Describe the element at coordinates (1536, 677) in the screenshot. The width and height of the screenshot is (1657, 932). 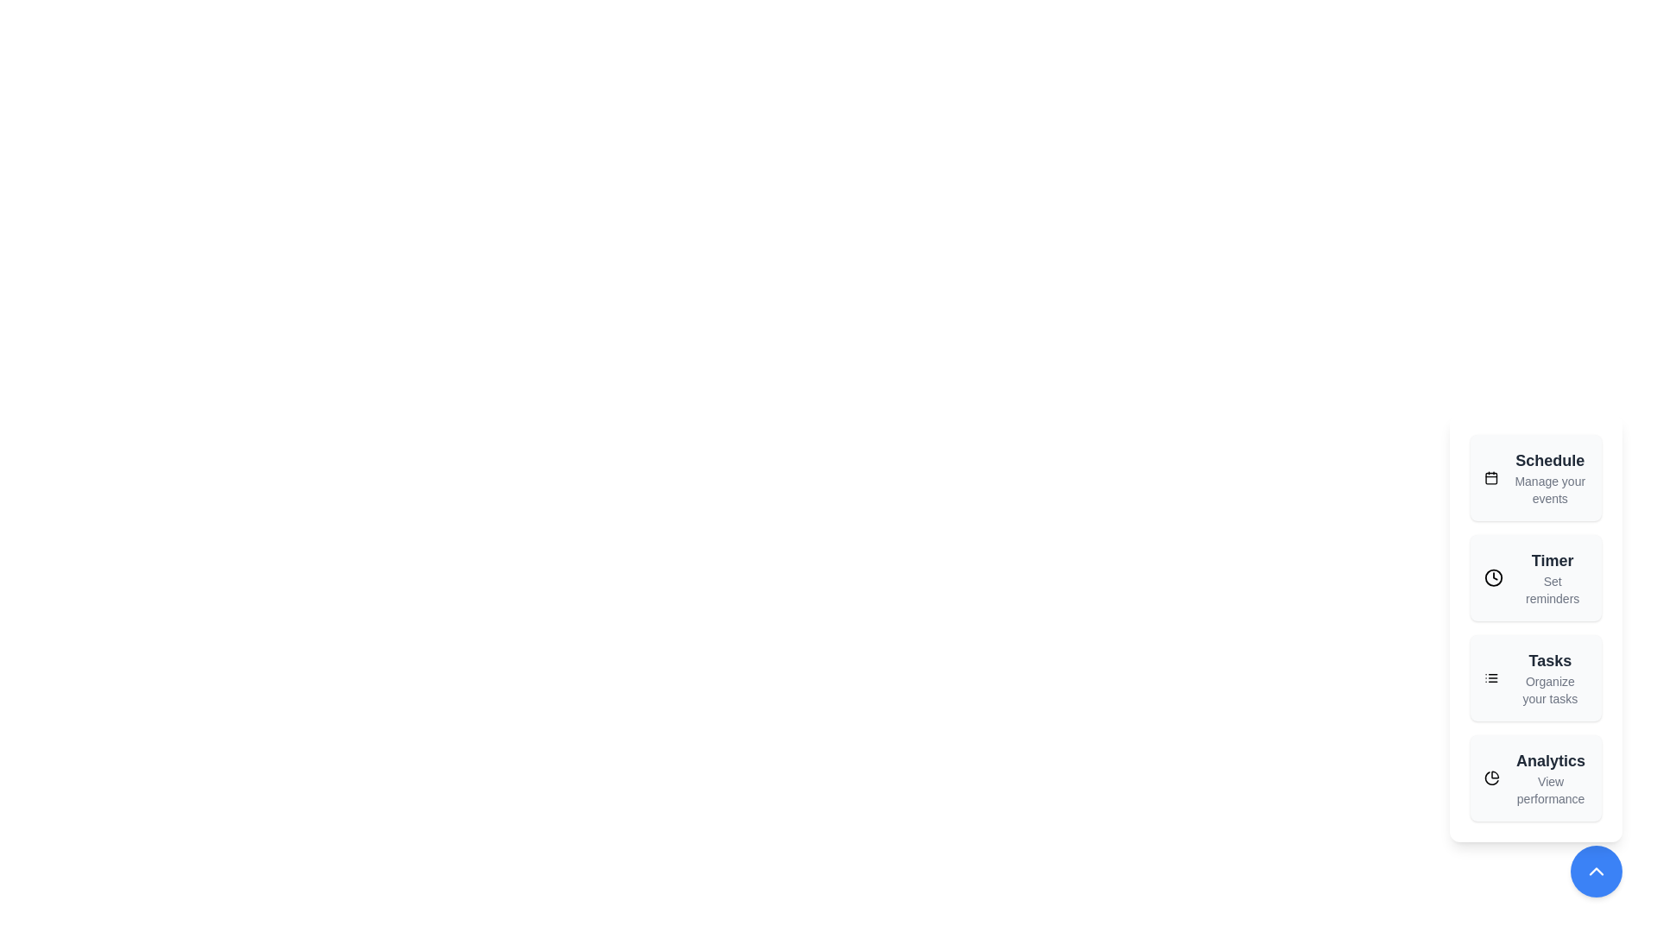
I see `the action item Tasks to preview its details` at that location.